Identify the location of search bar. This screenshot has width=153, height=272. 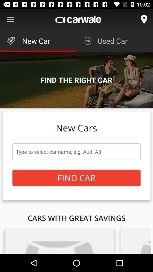
(76, 151).